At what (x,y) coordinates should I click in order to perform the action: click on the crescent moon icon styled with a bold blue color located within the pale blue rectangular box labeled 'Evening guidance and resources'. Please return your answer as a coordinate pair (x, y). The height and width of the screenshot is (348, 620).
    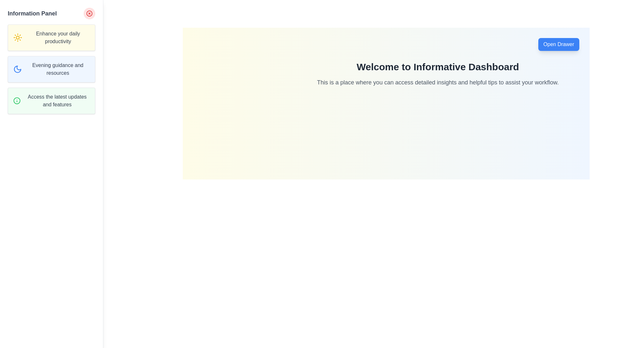
    Looking at the image, I should click on (17, 69).